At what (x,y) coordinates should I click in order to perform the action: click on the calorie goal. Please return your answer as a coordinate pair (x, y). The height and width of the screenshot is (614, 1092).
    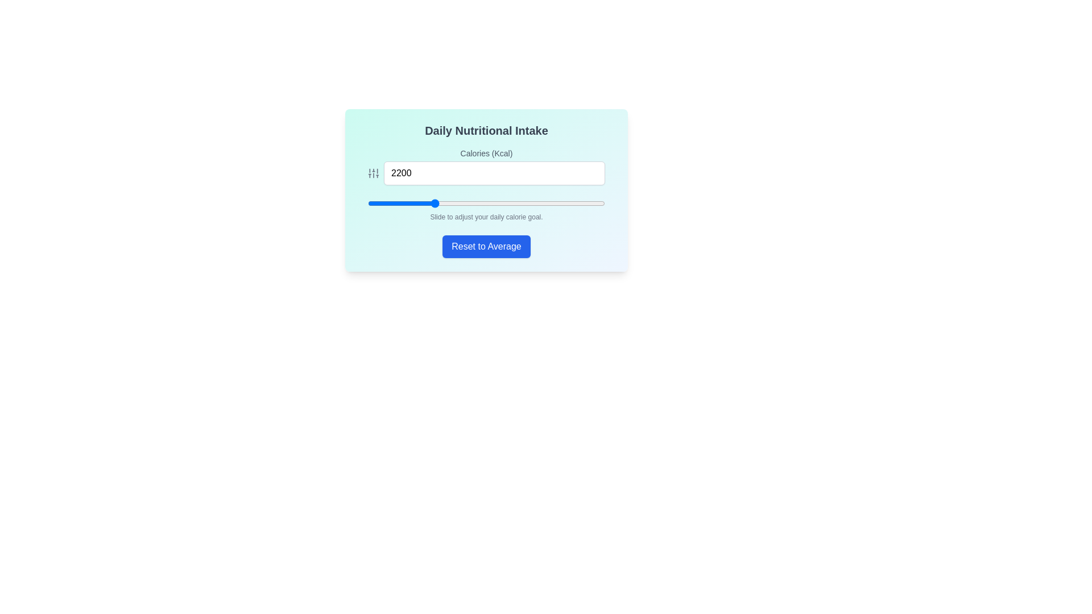
    Looking at the image, I should click on (549, 203).